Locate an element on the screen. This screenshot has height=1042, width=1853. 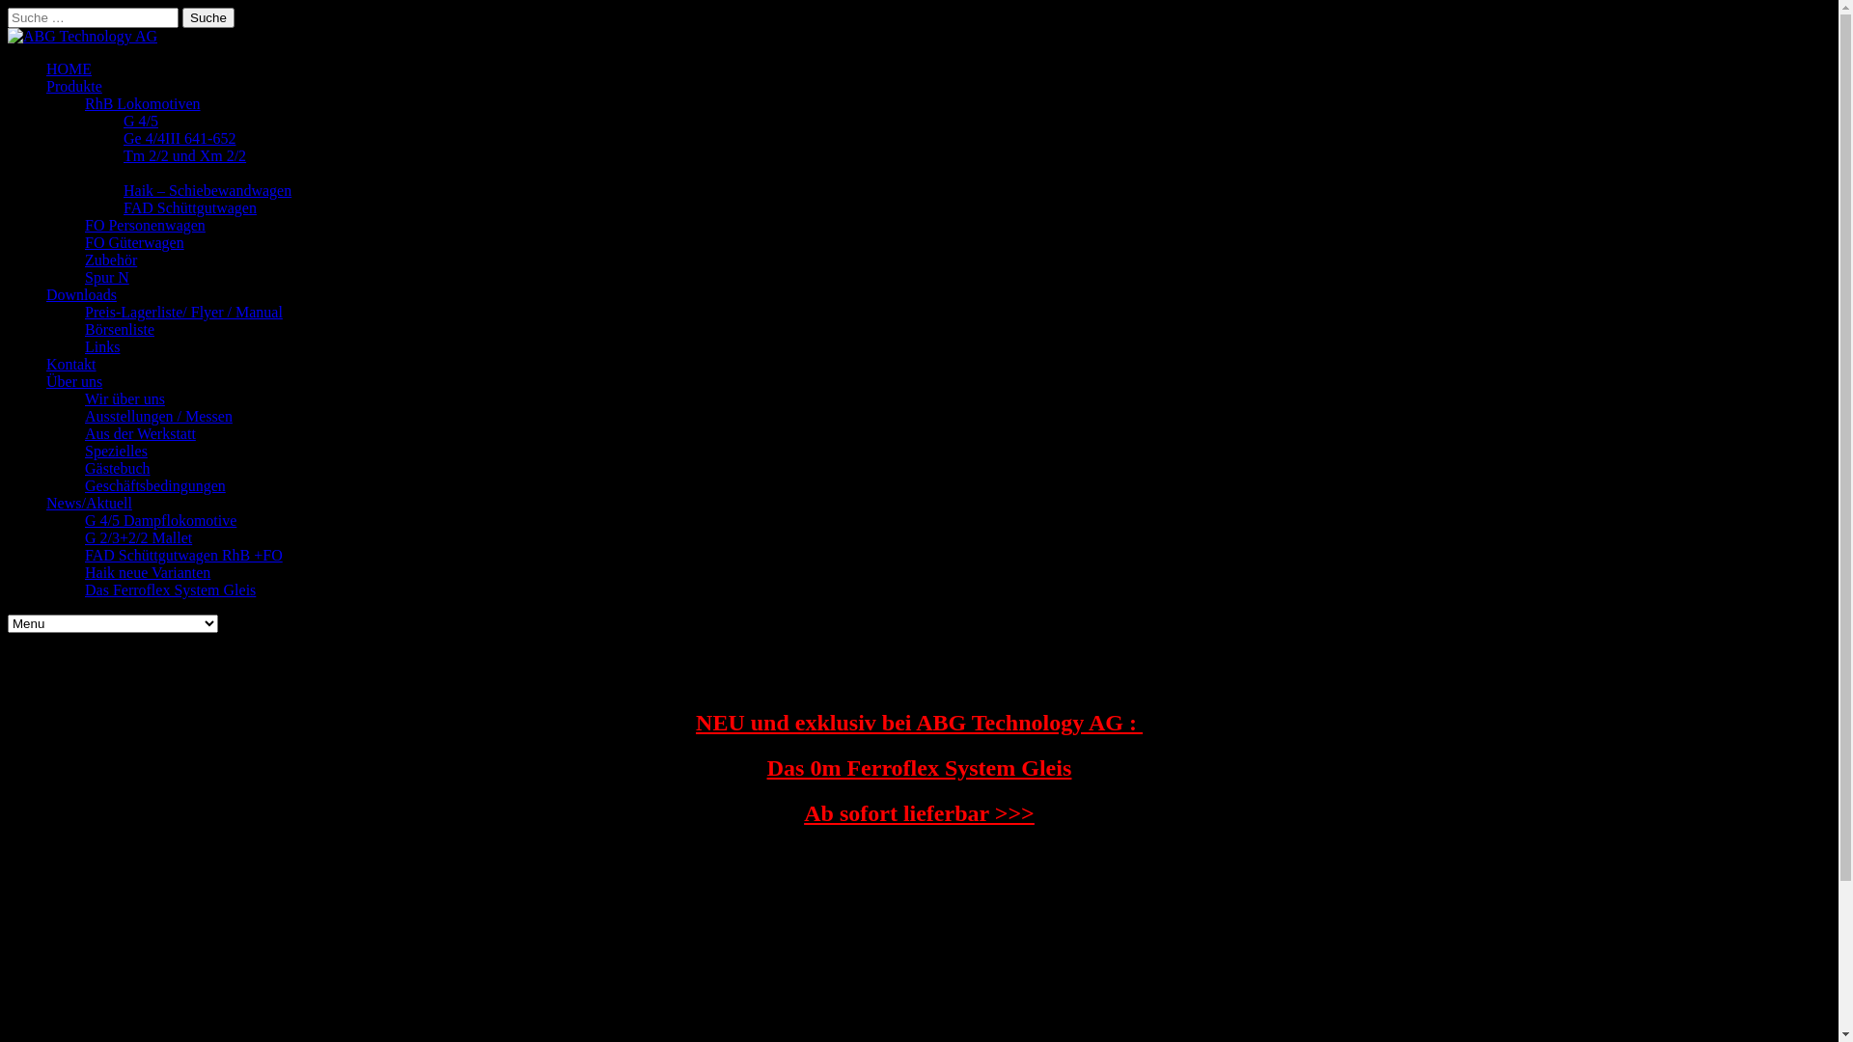
'News/Aktuell' is located at coordinates (88, 502).